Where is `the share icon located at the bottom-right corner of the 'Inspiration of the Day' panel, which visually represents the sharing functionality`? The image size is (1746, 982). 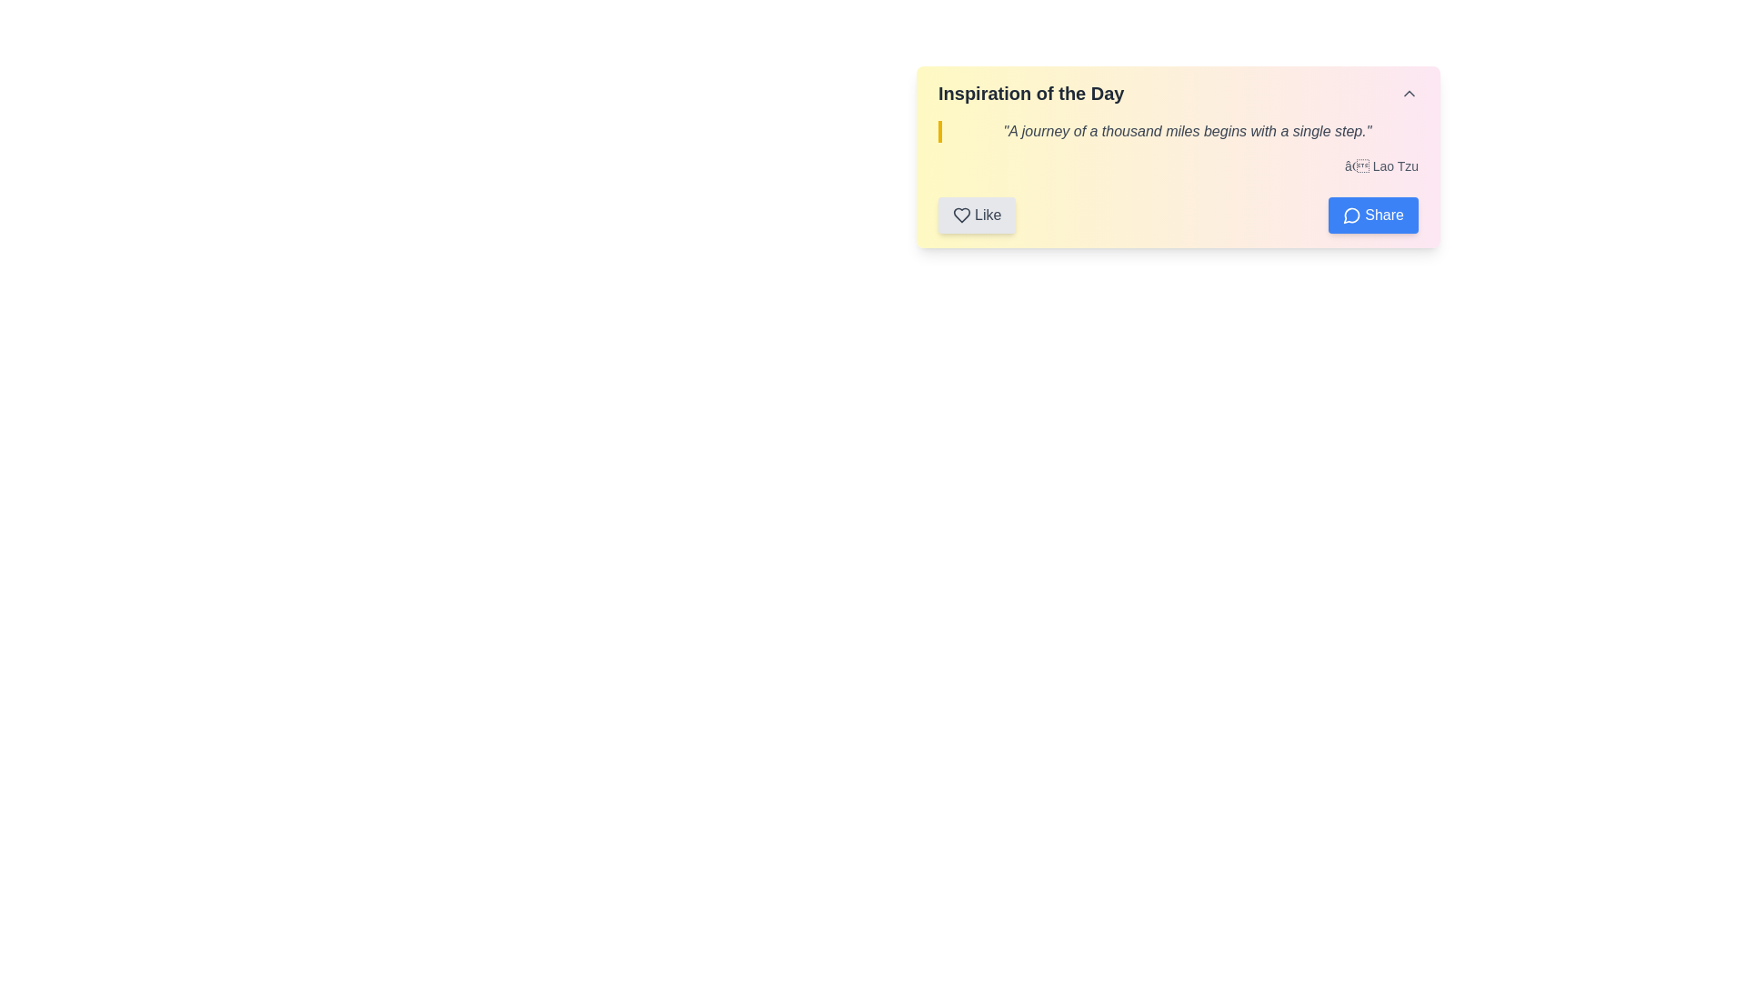 the share icon located at the bottom-right corner of the 'Inspiration of the Day' panel, which visually represents the sharing functionality is located at coordinates (1351, 215).